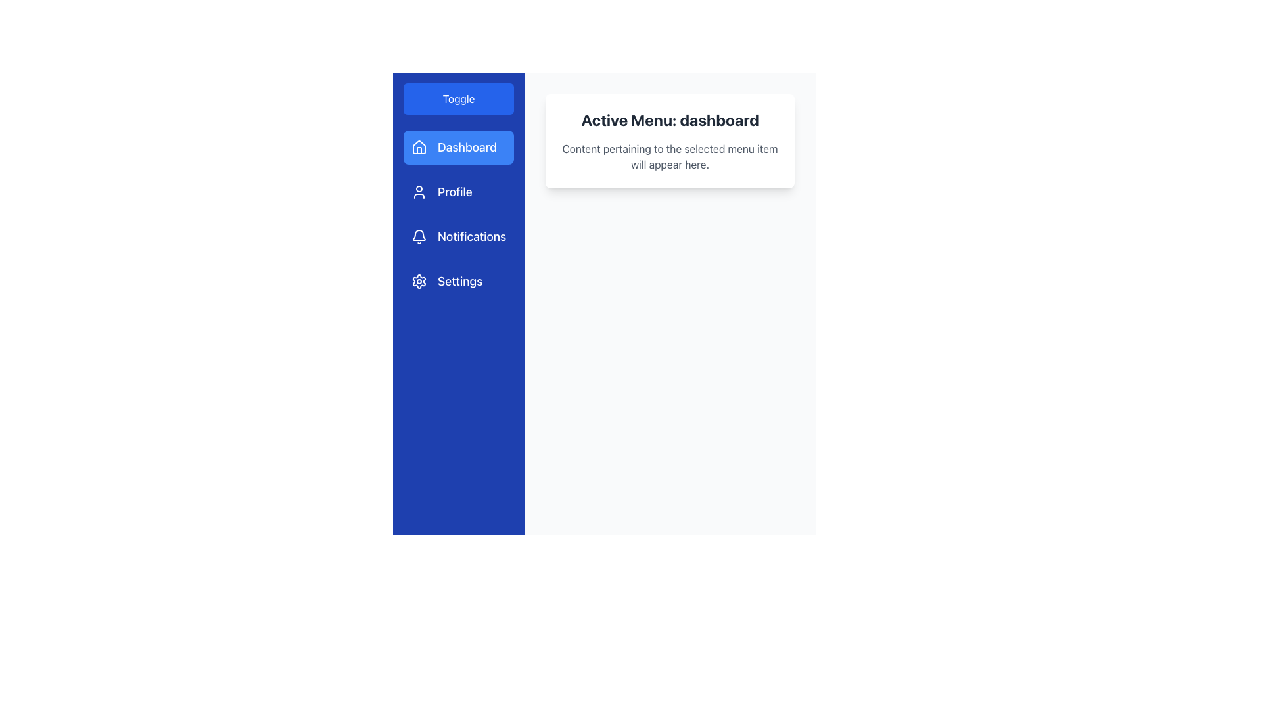 This screenshot has width=1262, height=709. I want to click on the bell icon in the vertical navigation menu associated with the 'Notifications' text, which is located to the left of the text, so click(419, 237).